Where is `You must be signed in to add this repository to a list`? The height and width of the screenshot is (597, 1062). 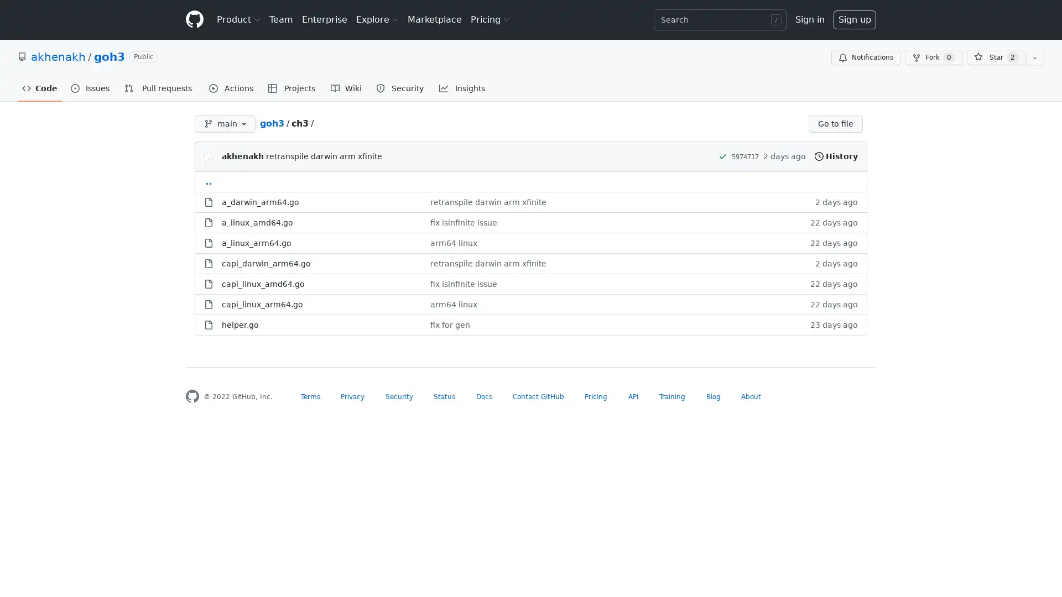
You must be signed in to add this repository to a list is located at coordinates (1034, 57).